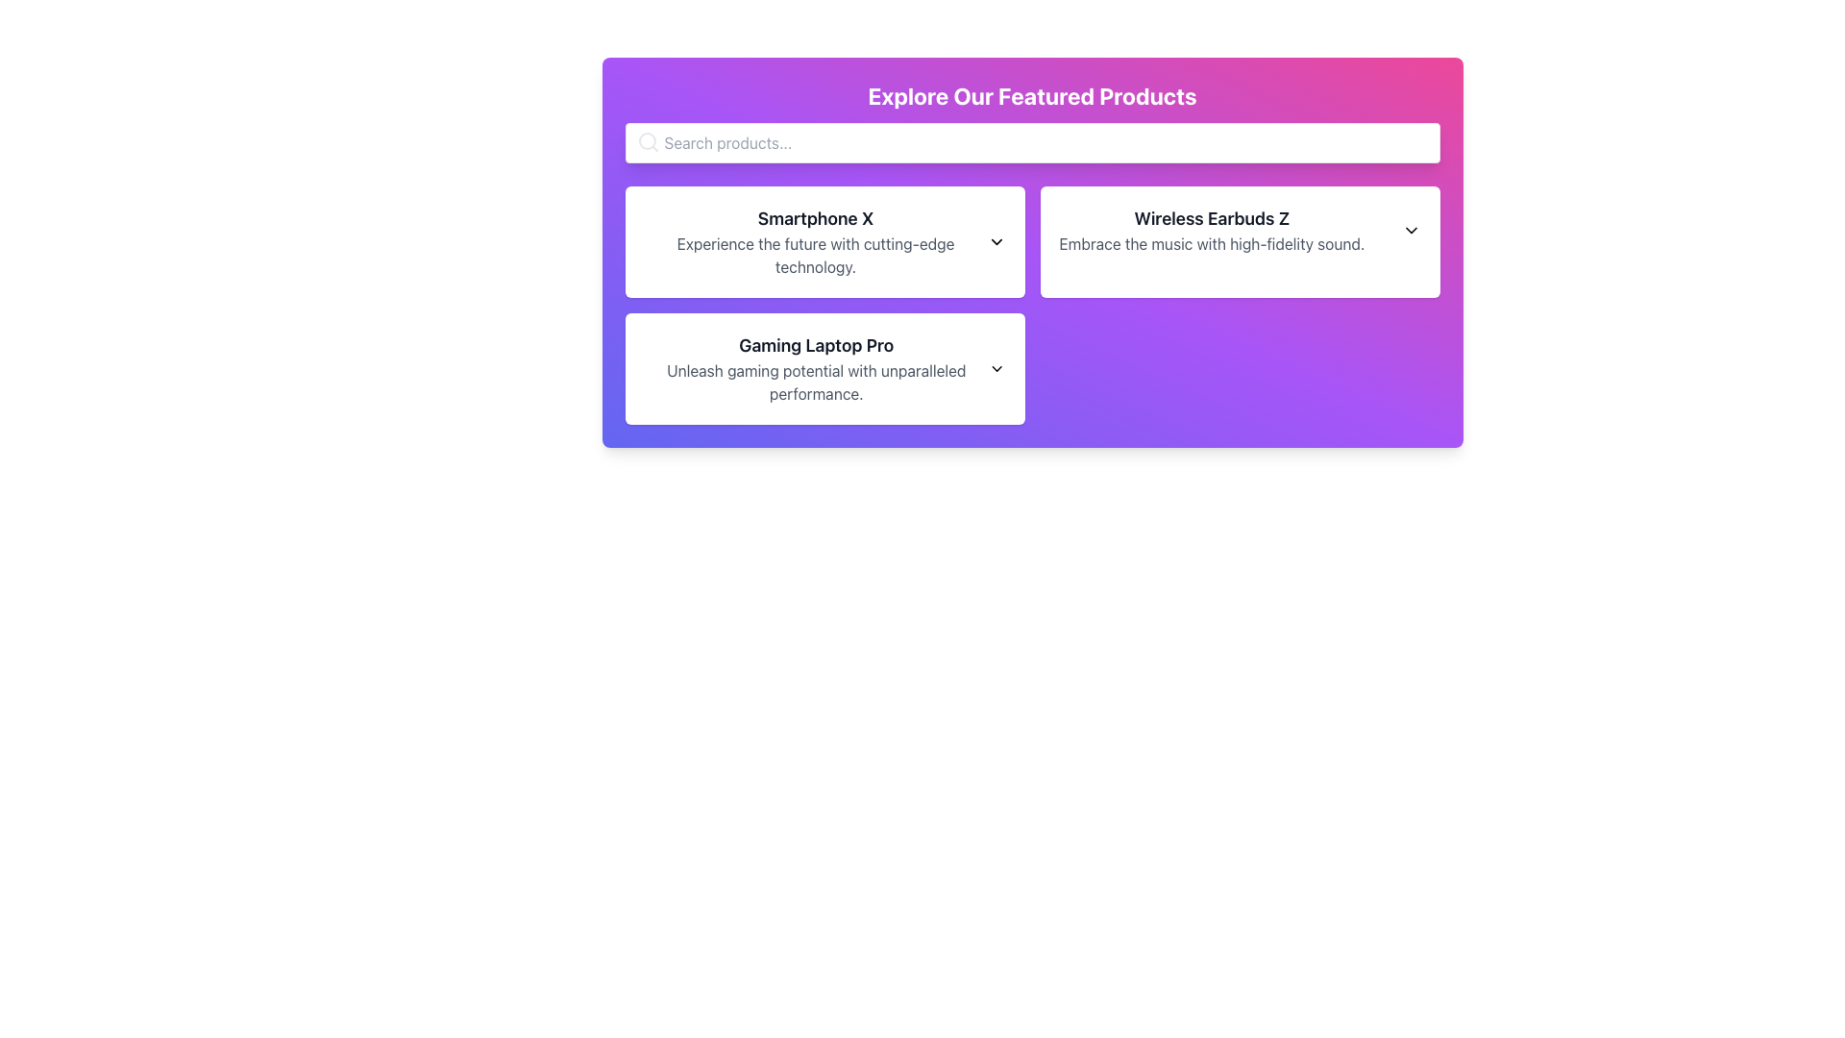 Image resolution: width=1845 pixels, height=1038 pixels. What do you see at coordinates (1211, 217) in the screenshot?
I see `the Text Label displaying 'Wireless Earbuds Z' in bold and dark gray, located in the second card of the featured products section` at bounding box center [1211, 217].